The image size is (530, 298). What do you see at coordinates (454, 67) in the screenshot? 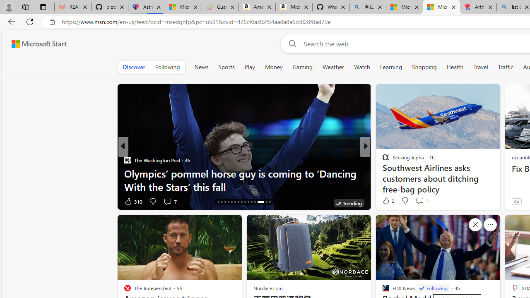
I see `'Health'` at bounding box center [454, 67].